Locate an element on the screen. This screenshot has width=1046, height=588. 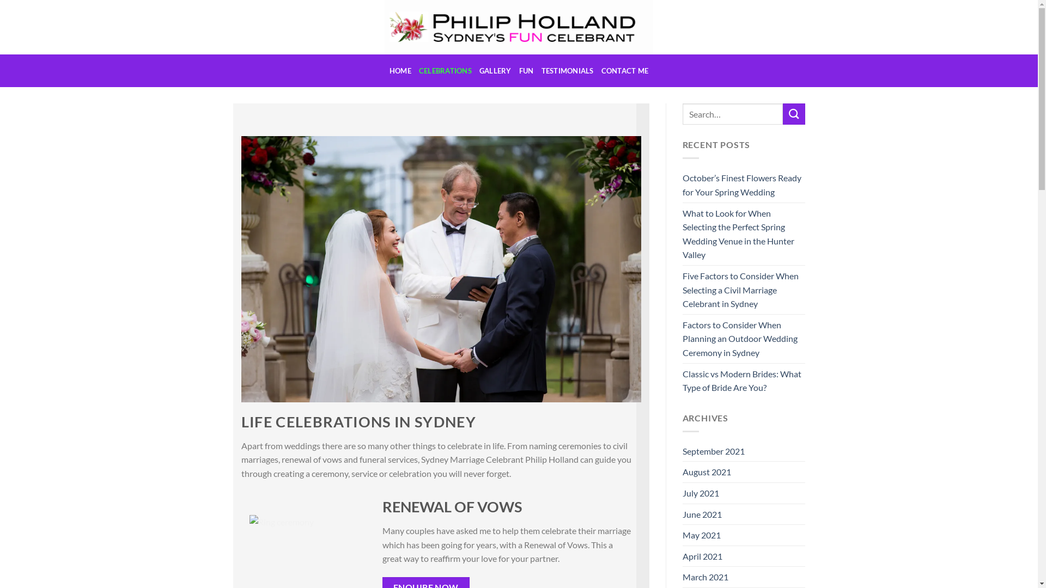
'July 2021' is located at coordinates (700, 493).